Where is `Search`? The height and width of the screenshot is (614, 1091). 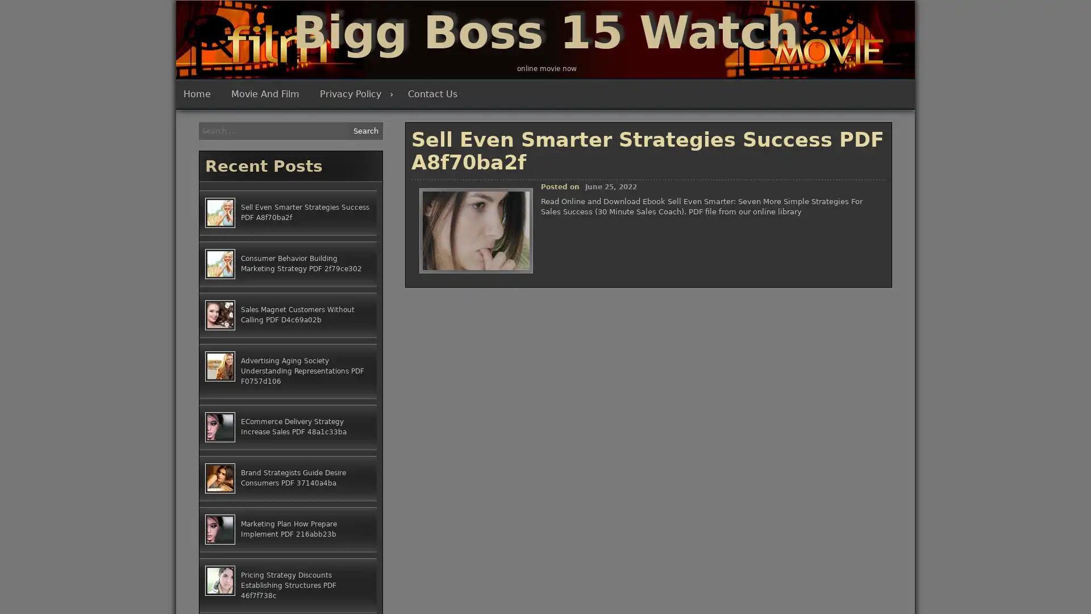 Search is located at coordinates (365, 130).